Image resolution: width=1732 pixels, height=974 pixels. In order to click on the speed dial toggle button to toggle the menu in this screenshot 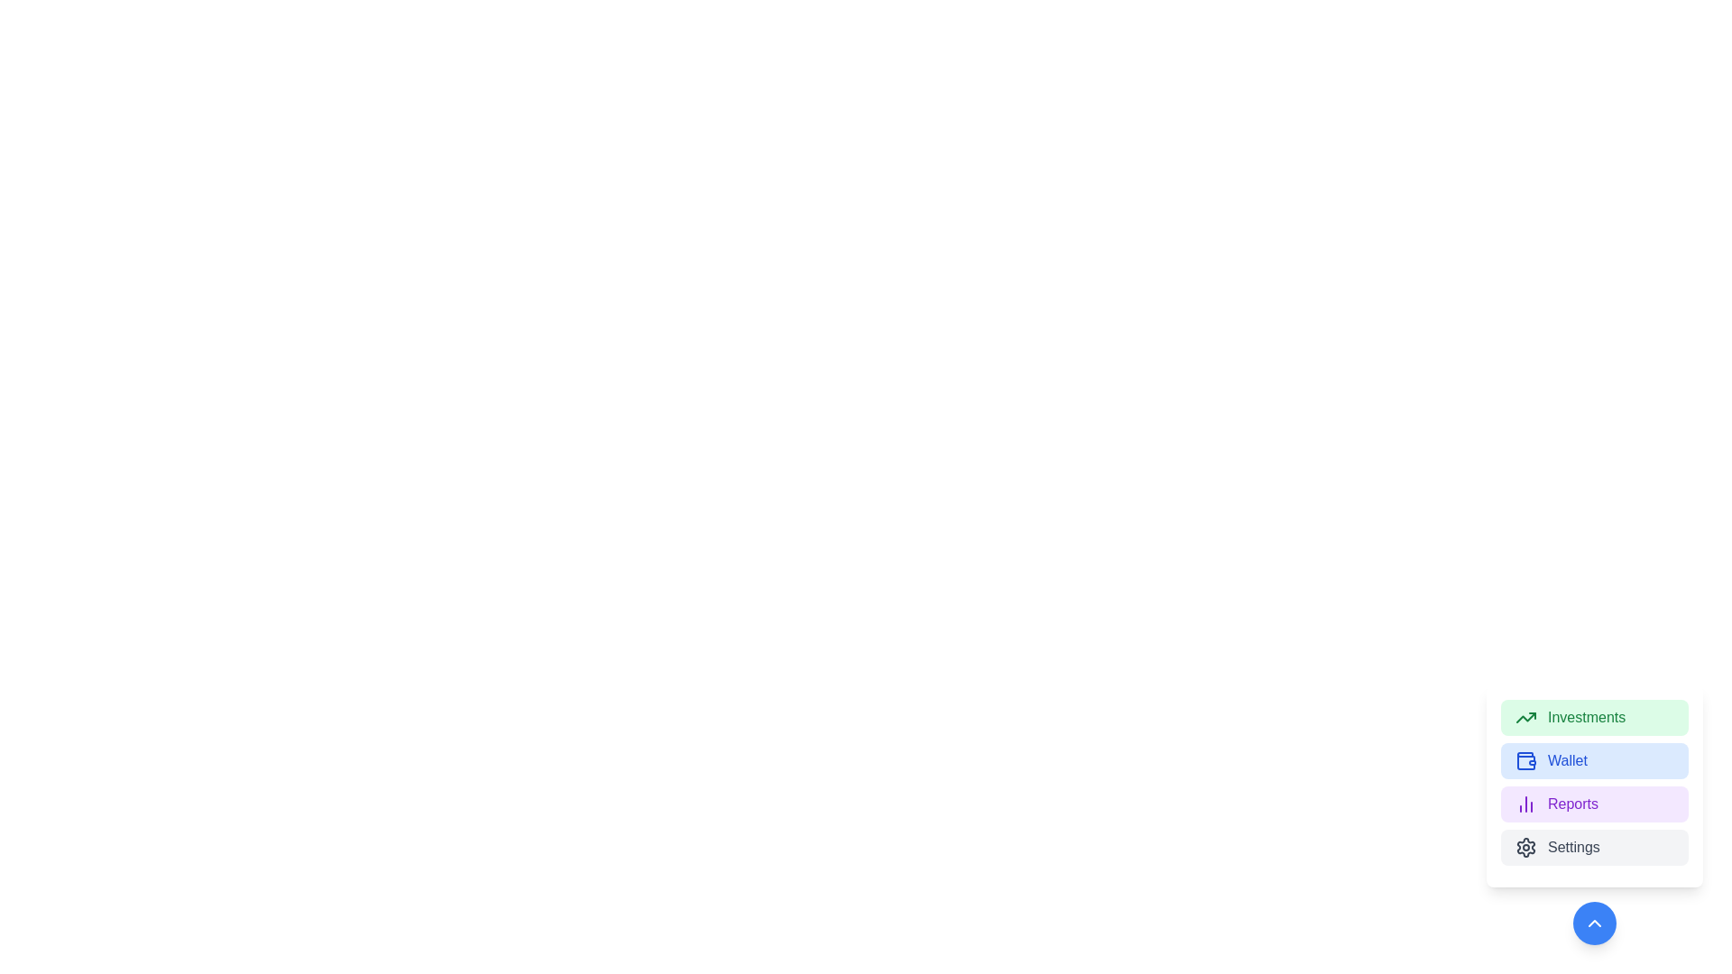, I will do `click(1594, 923)`.